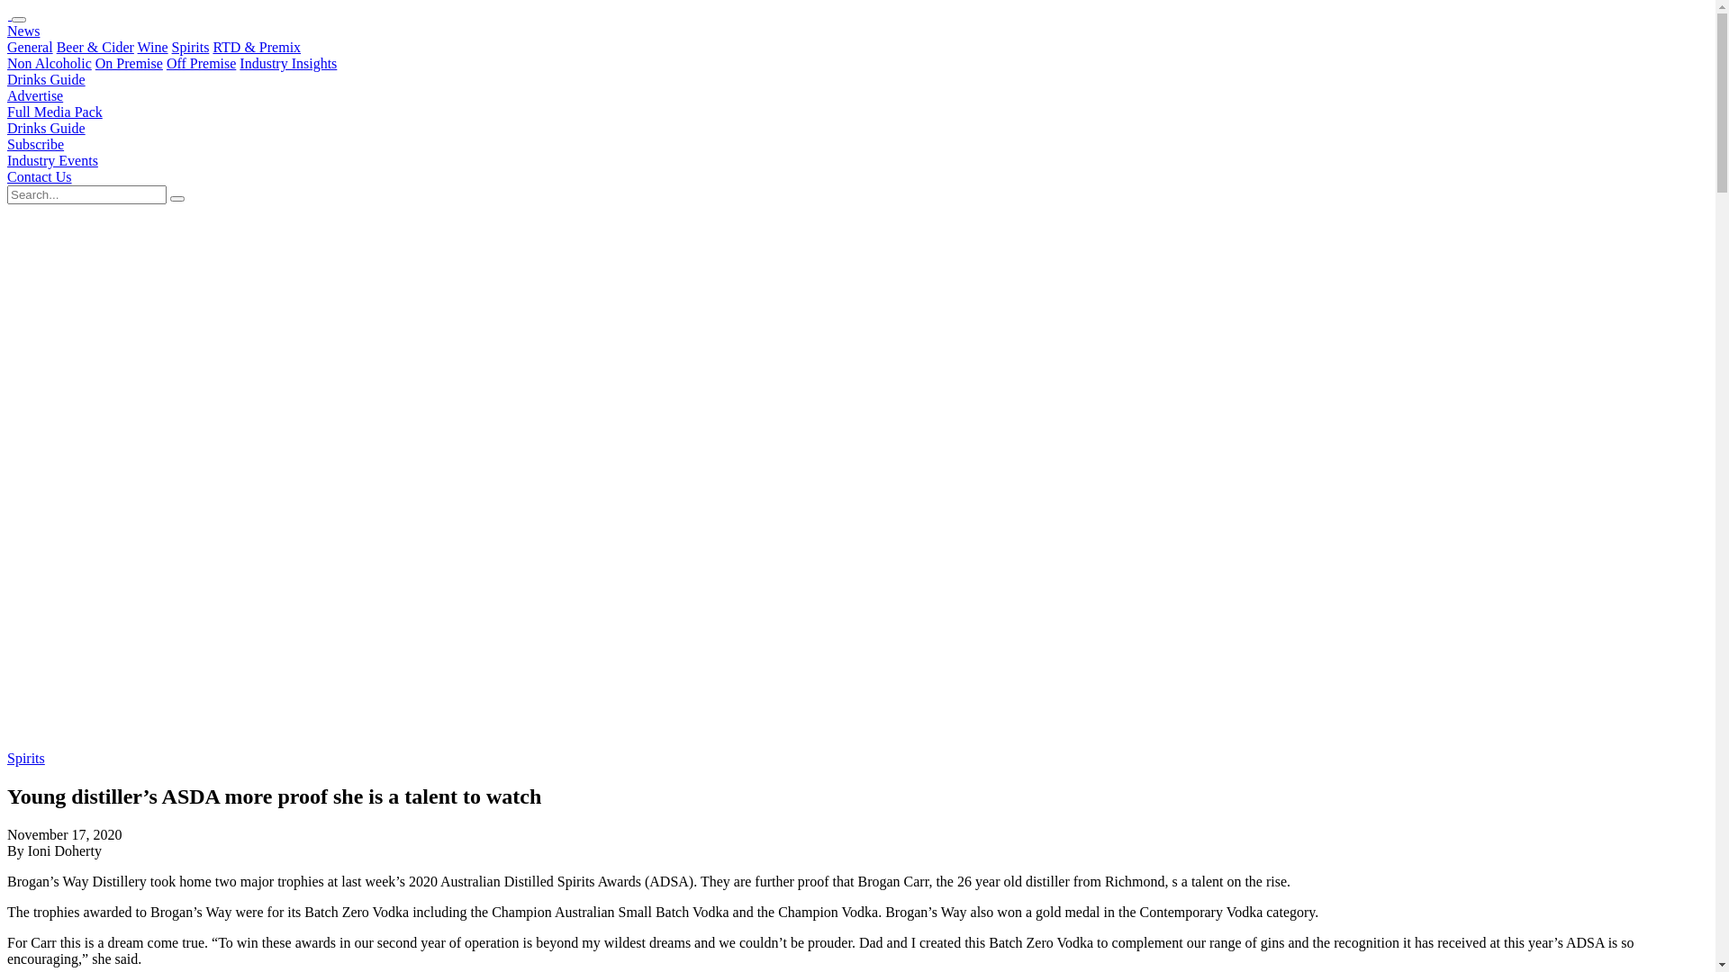 The image size is (1729, 972). What do you see at coordinates (7, 31) in the screenshot?
I see `'News'` at bounding box center [7, 31].